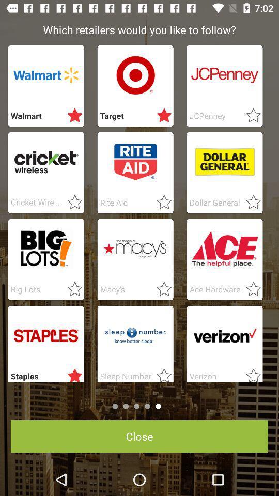 The height and width of the screenshot is (496, 279). I want to click on faverad, so click(71, 373).